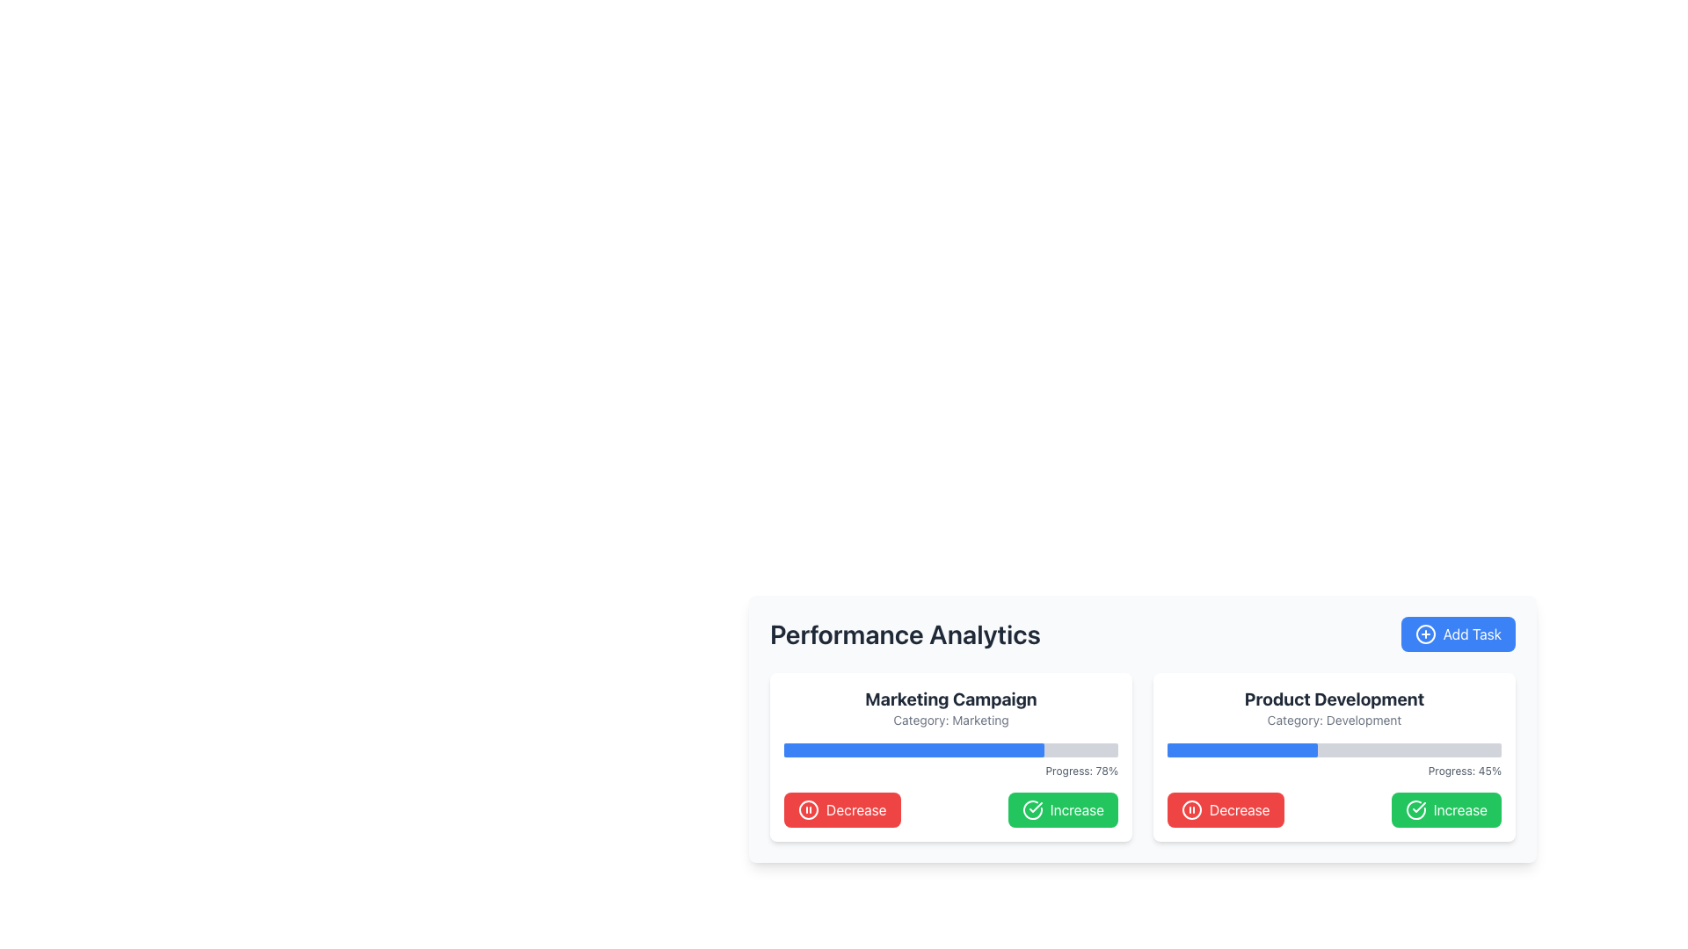 The width and height of the screenshot is (1688, 949). What do you see at coordinates (1032, 809) in the screenshot?
I see `the SVG icon component that denotes an action related to increasing performance, located below the 'Performance Analytics' header and aligned with the 'Increase' button in the 'Marketing Campaign' card` at bounding box center [1032, 809].